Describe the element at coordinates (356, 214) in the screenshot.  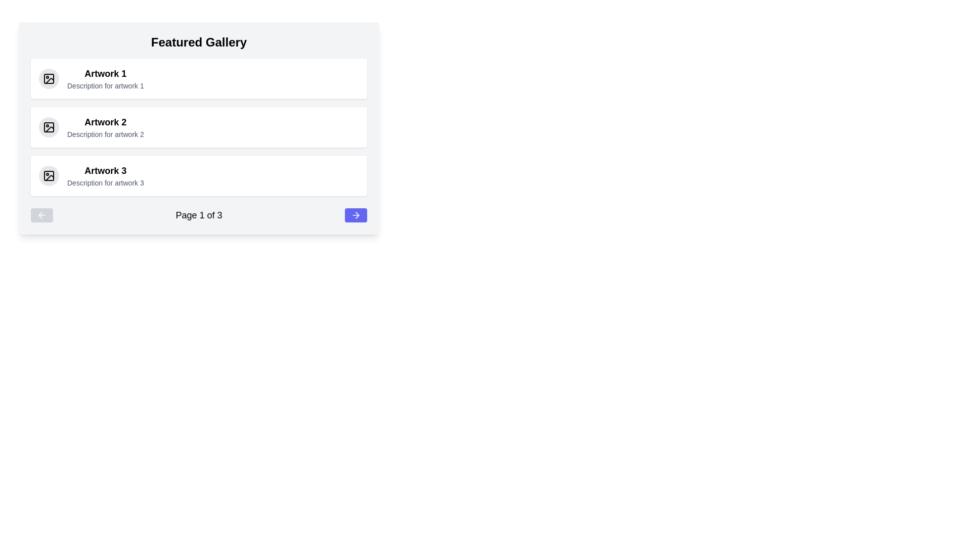
I see `the rightward-pointing arrow icon, which is outlined in indigo and located within a purple button at the bottom-right corner of the interface` at that location.